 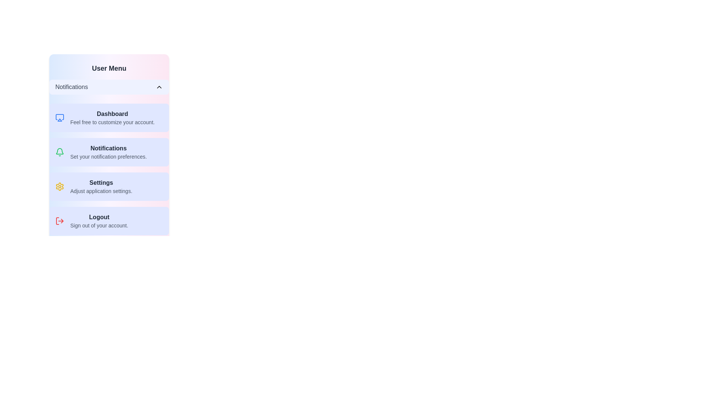 I want to click on the menu item labeled 'Dashboard' to highlight it, so click(x=109, y=118).